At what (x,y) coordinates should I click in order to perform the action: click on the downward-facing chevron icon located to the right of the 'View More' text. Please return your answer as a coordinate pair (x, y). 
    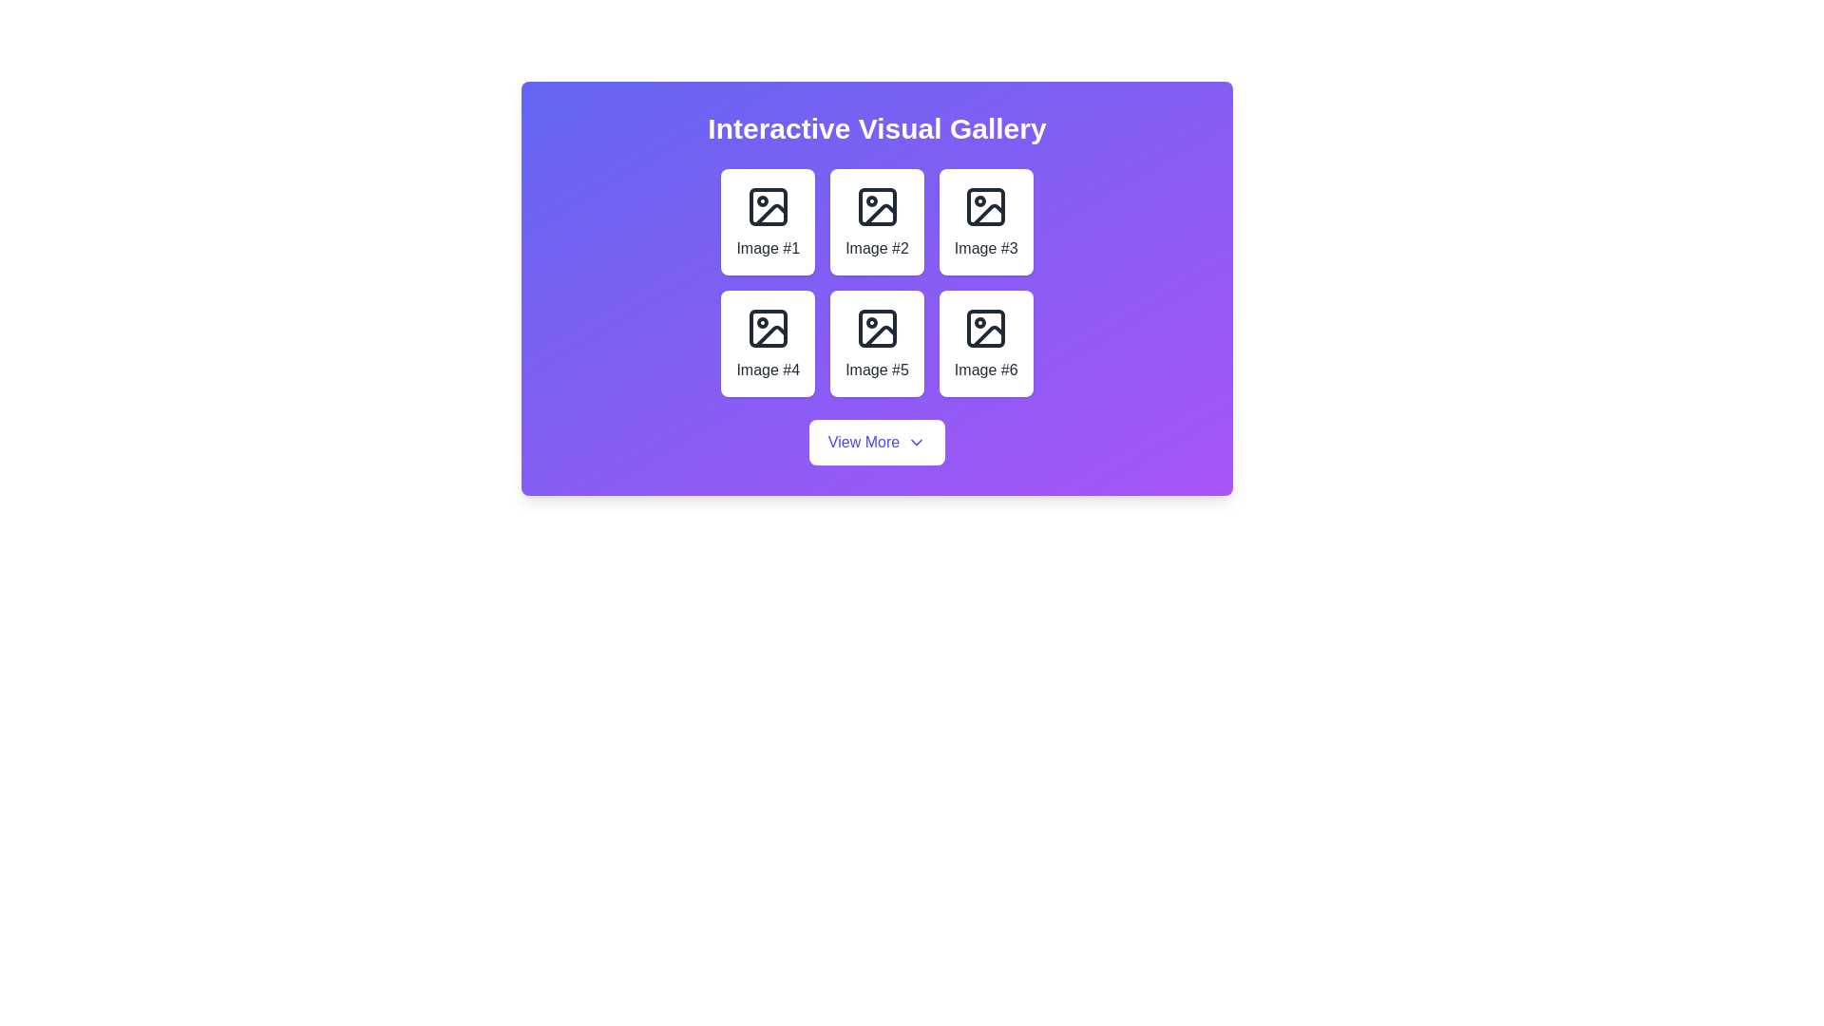
    Looking at the image, I should click on (917, 443).